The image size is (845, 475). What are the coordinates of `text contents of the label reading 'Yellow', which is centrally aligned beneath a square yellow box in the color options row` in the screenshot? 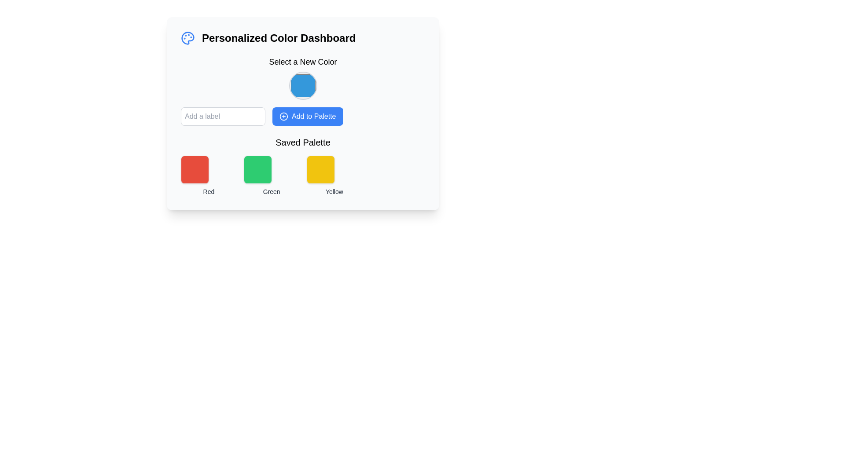 It's located at (334, 191).